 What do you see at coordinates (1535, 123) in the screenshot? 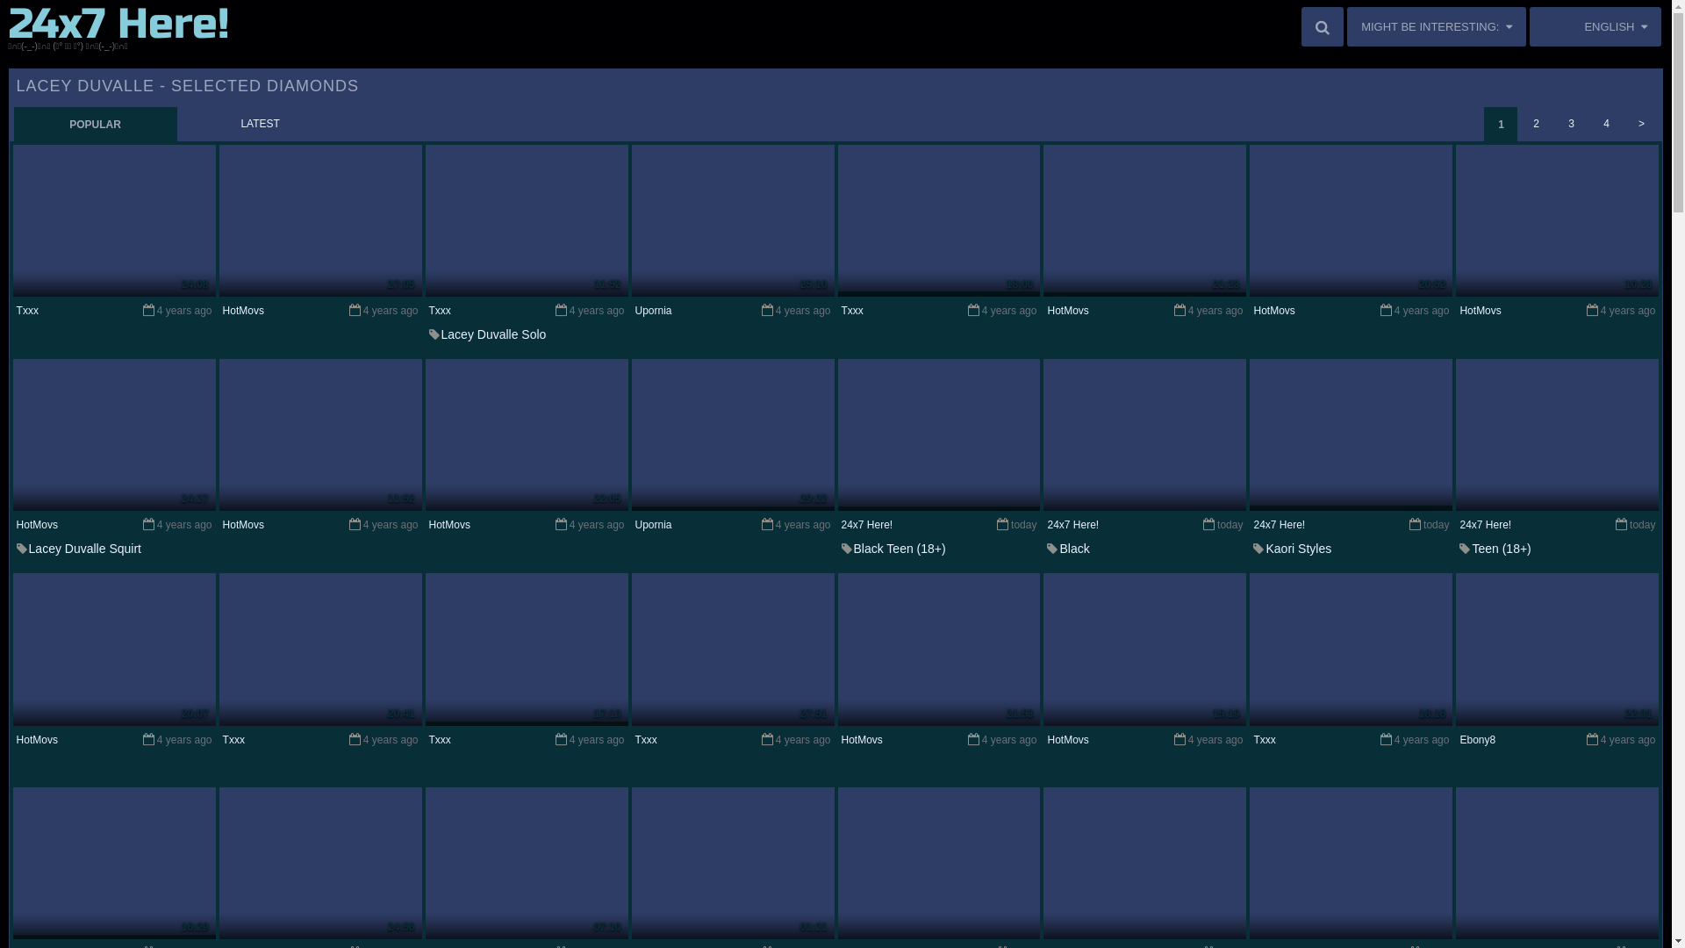
I see `'2'` at bounding box center [1535, 123].